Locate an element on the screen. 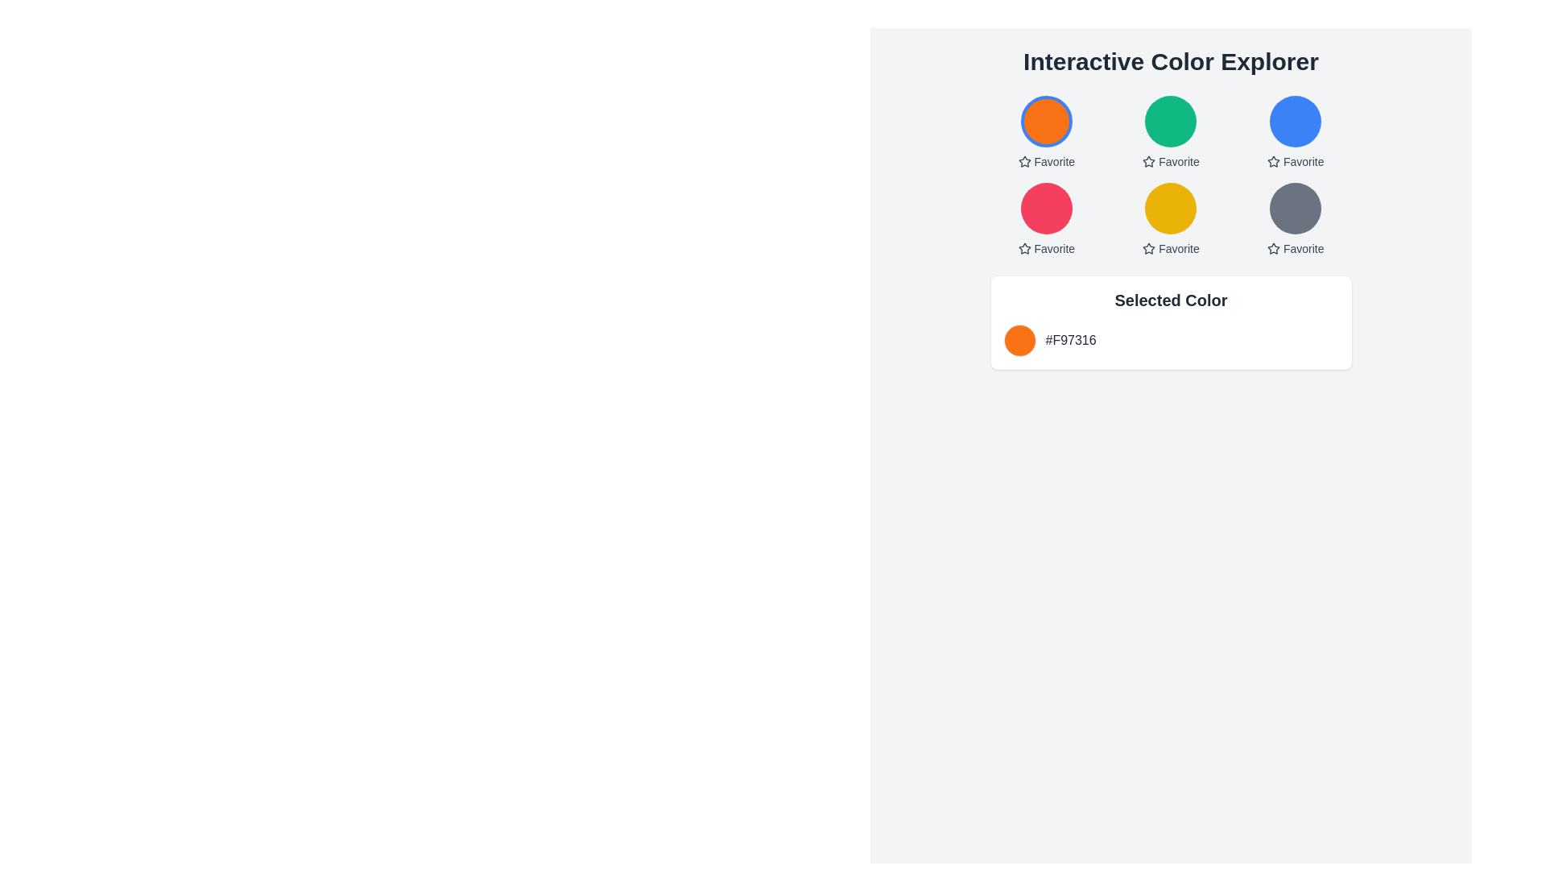 The height and width of the screenshot is (870, 1546). the circular yellow button labeled 'Favorite' to mark it as favorite is located at coordinates (1171, 220).